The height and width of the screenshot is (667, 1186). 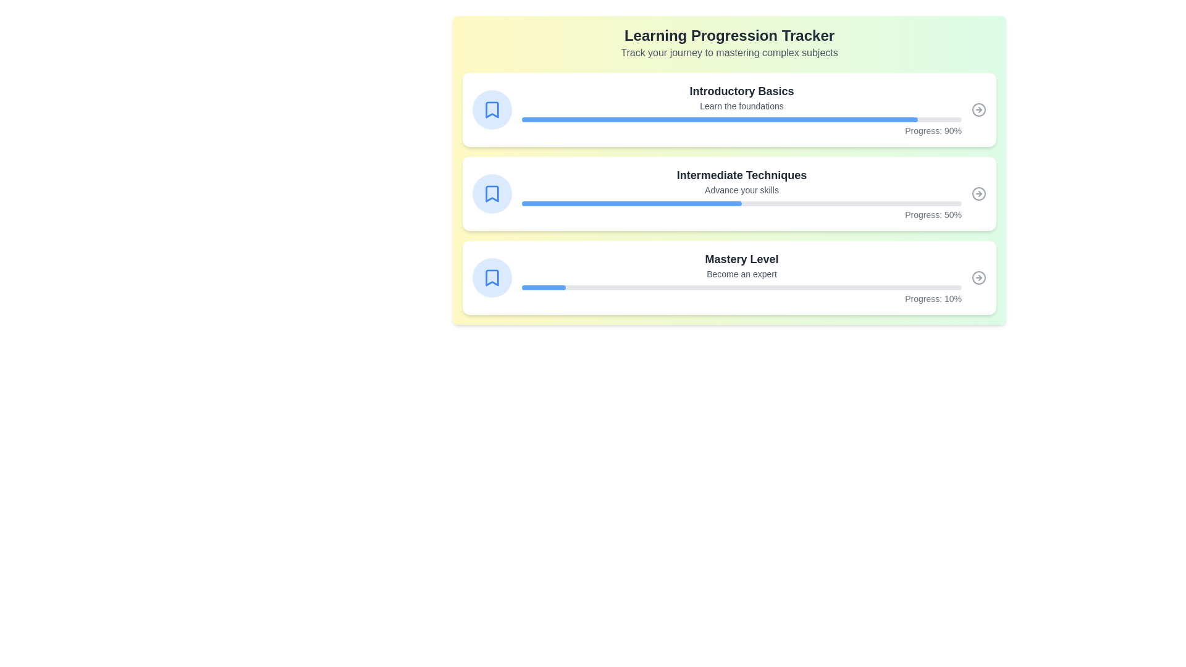 I want to click on the Progress Bar located below the text 'Advance your skills' and above the 'Progress: 50%' label, which features a gray background with a blue filled portion indicating 50% completion, so click(x=741, y=203).